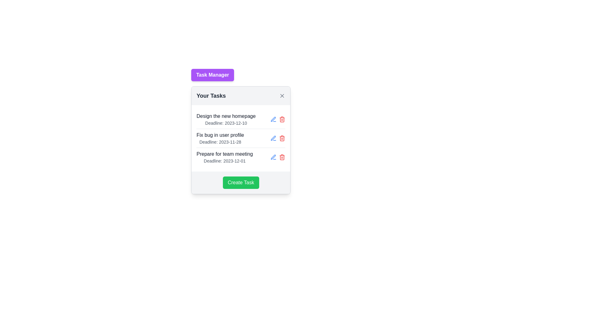  I want to click on the delete icon button located to the right of the blue edit icon, so click(282, 119).